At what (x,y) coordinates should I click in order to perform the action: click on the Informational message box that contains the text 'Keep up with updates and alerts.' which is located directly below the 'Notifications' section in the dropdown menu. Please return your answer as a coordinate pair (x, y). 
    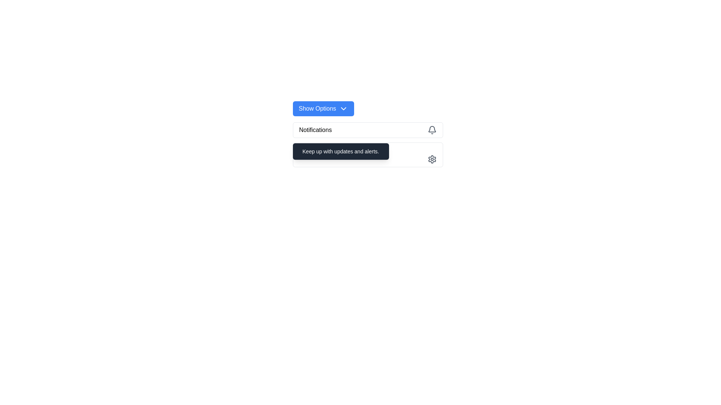
    Looking at the image, I should click on (340, 151).